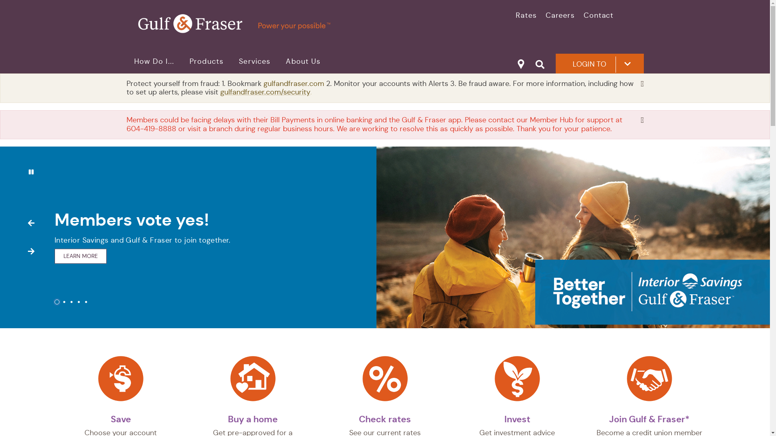 The image size is (776, 436). I want to click on 'gulfandfraser.com/security', so click(219, 91).